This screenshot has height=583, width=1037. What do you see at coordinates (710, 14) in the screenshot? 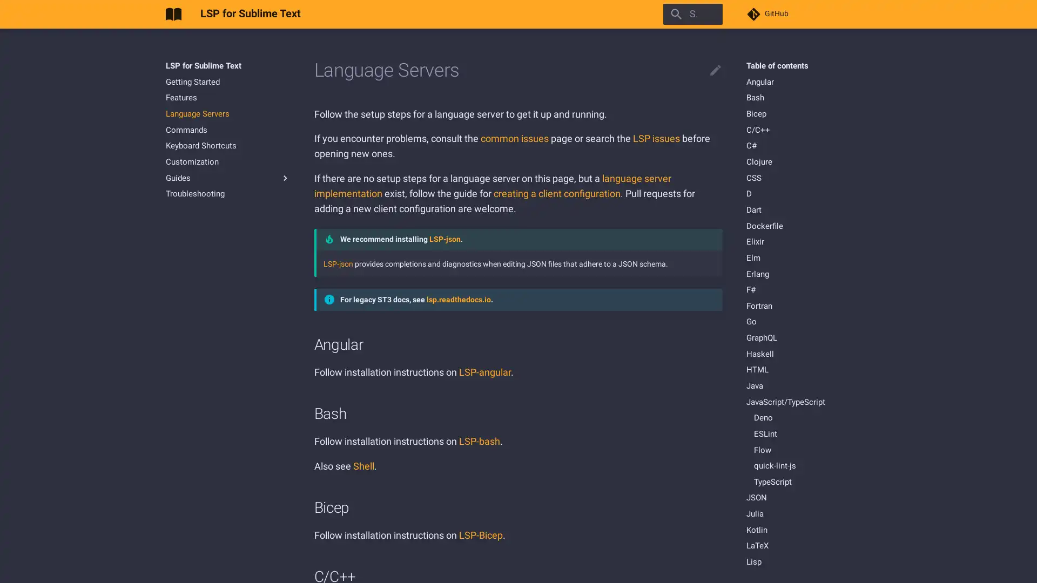
I see `Clear` at bounding box center [710, 14].